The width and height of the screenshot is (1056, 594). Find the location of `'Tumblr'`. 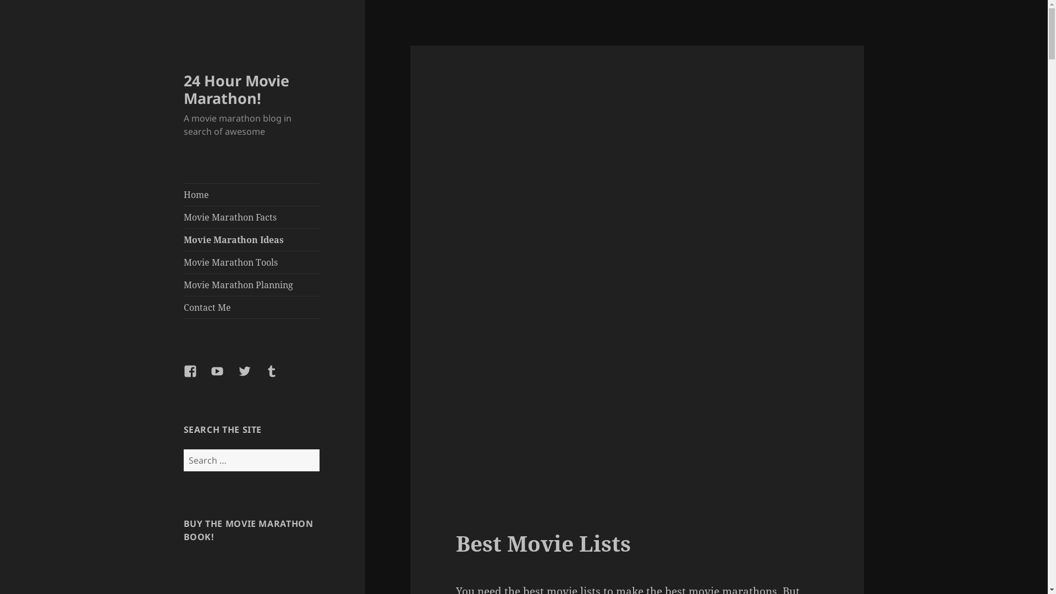

'Tumblr' is located at coordinates (278, 377).